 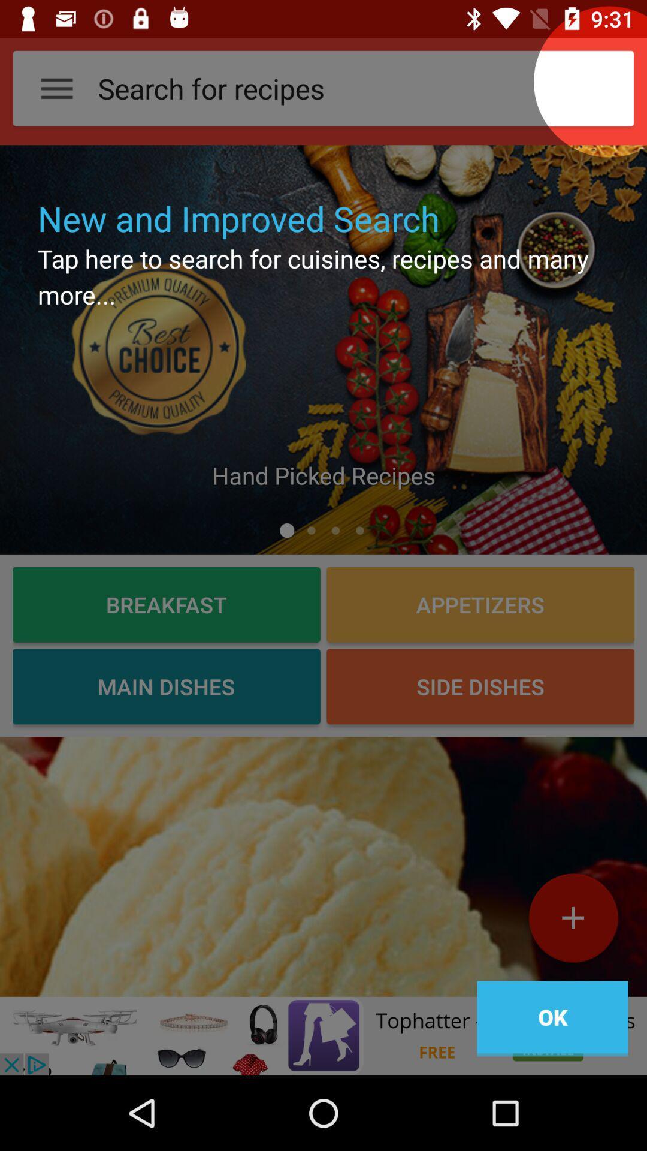 I want to click on hand picked recipes option, so click(x=323, y=349).